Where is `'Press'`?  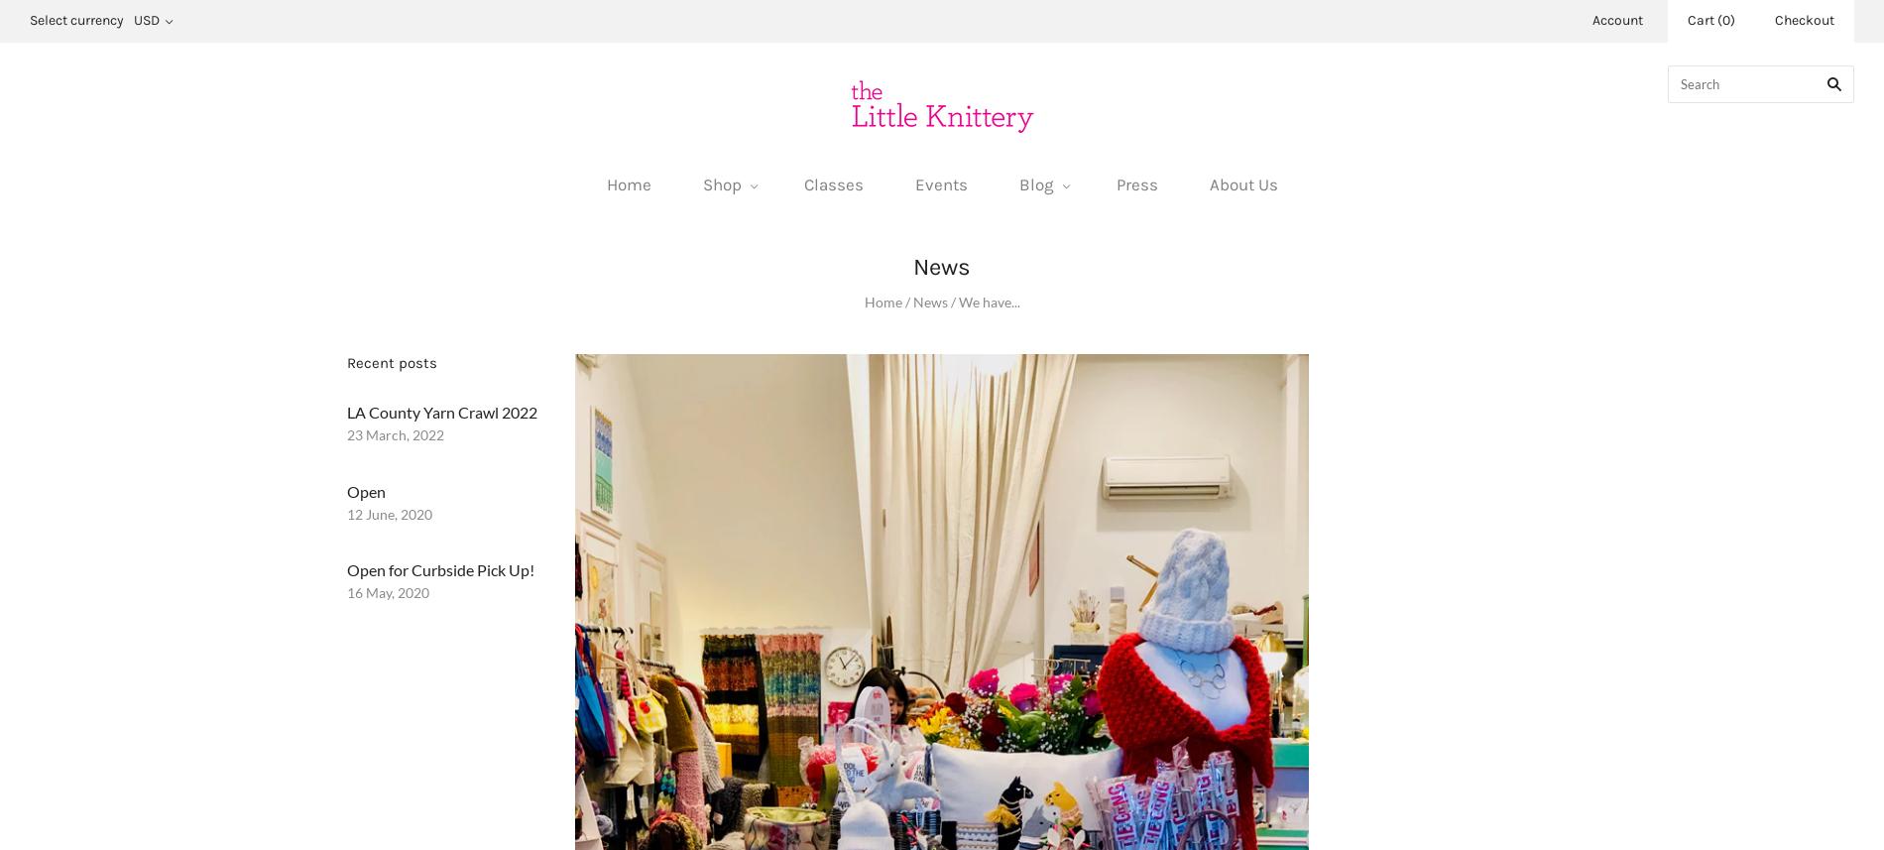 'Press' is located at coordinates (1136, 183).